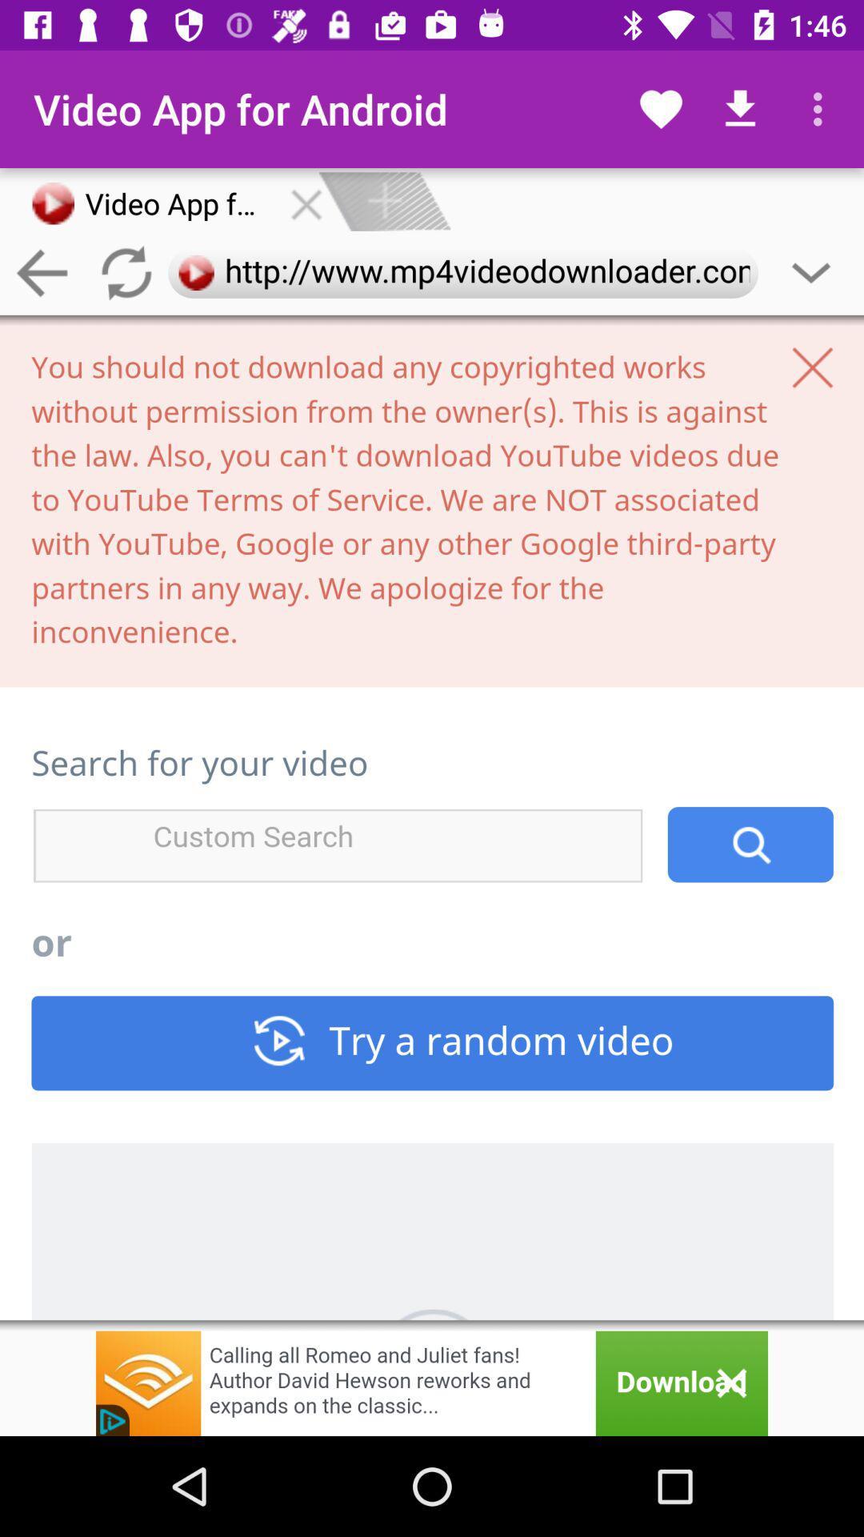 The height and width of the screenshot is (1537, 864). I want to click on the close icon, so click(306, 201).